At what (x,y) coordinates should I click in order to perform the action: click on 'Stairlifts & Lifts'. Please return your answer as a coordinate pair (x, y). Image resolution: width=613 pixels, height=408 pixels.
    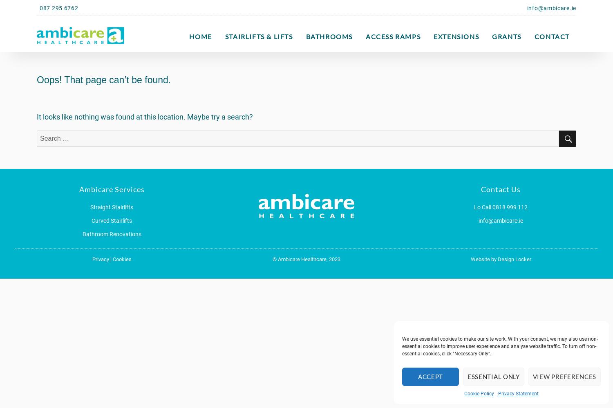
    Looking at the image, I should click on (259, 36).